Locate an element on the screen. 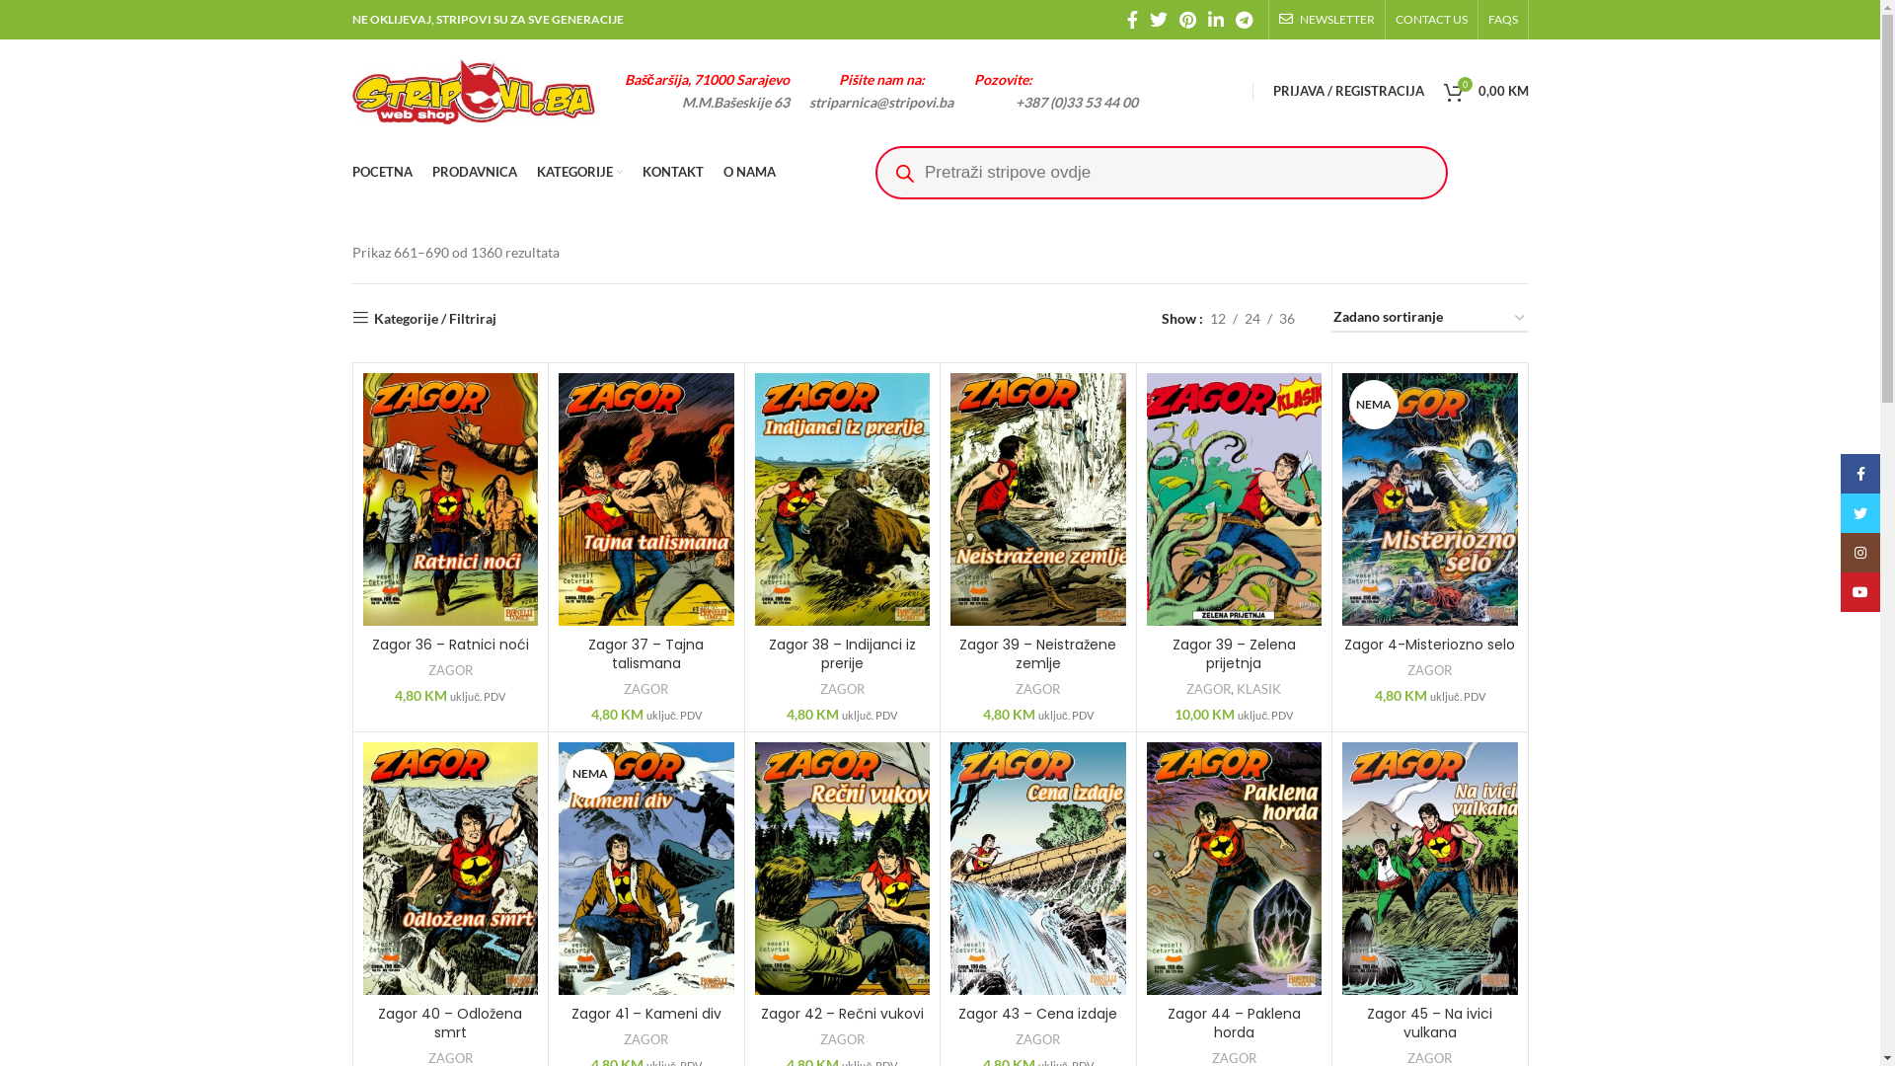 Image resolution: width=1895 pixels, height=1066 pixels. 'FAQS' is located at coordinates (1501, 19).